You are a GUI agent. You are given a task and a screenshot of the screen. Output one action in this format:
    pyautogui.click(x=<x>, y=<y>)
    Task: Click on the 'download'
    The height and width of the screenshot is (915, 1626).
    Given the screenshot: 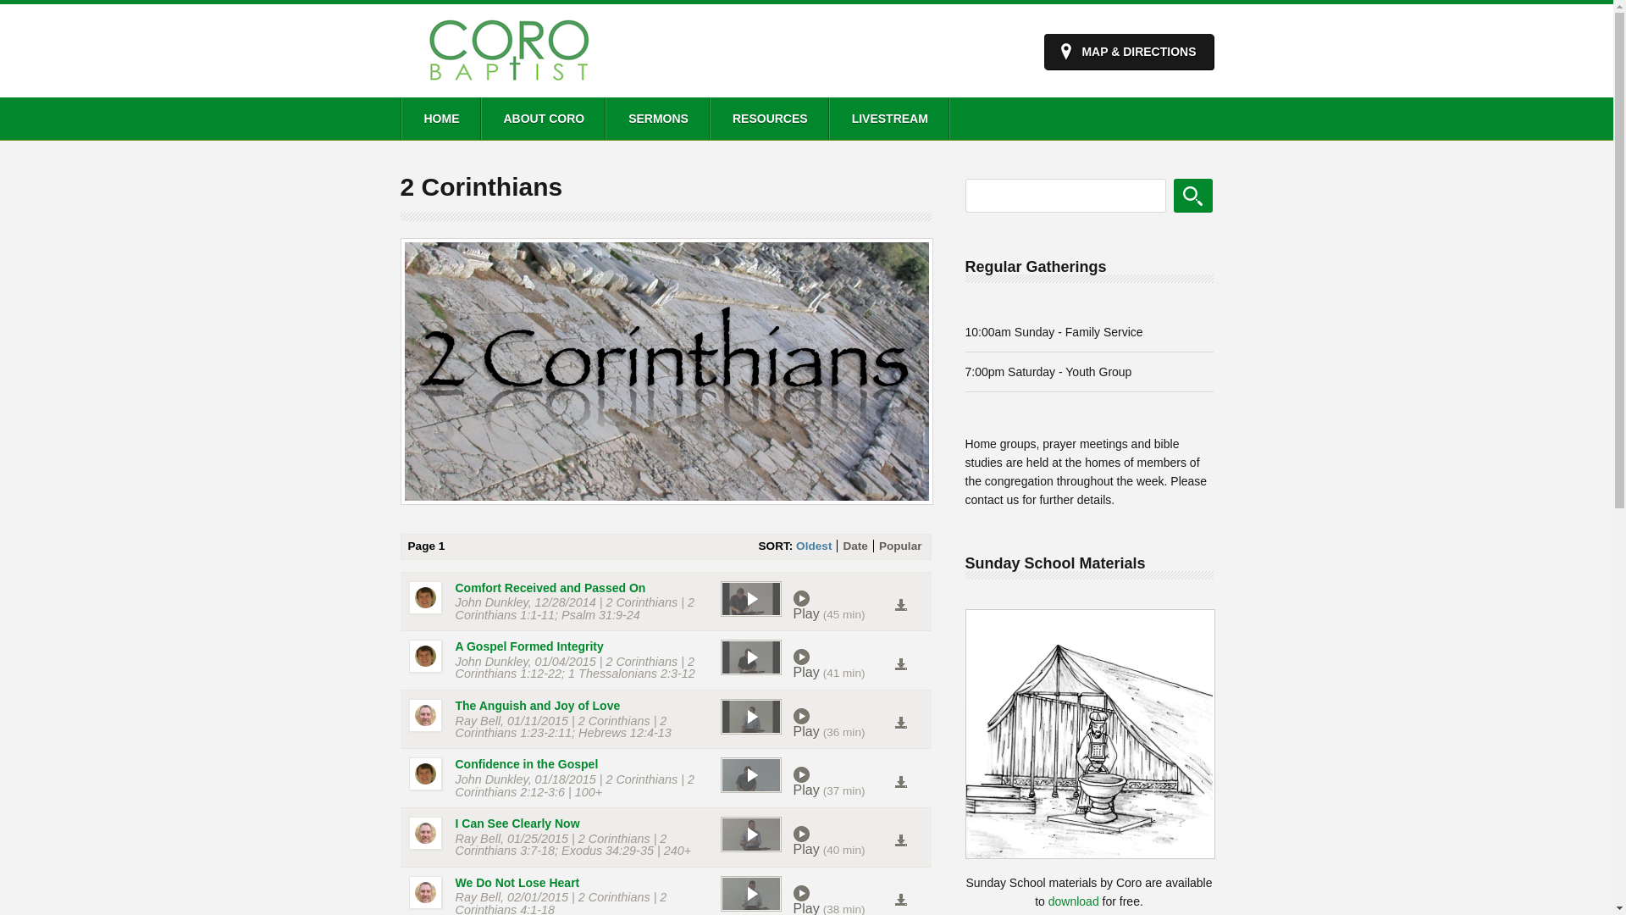 What is the action you would take?
    pyautogui.click(x=1072, y=901)
    